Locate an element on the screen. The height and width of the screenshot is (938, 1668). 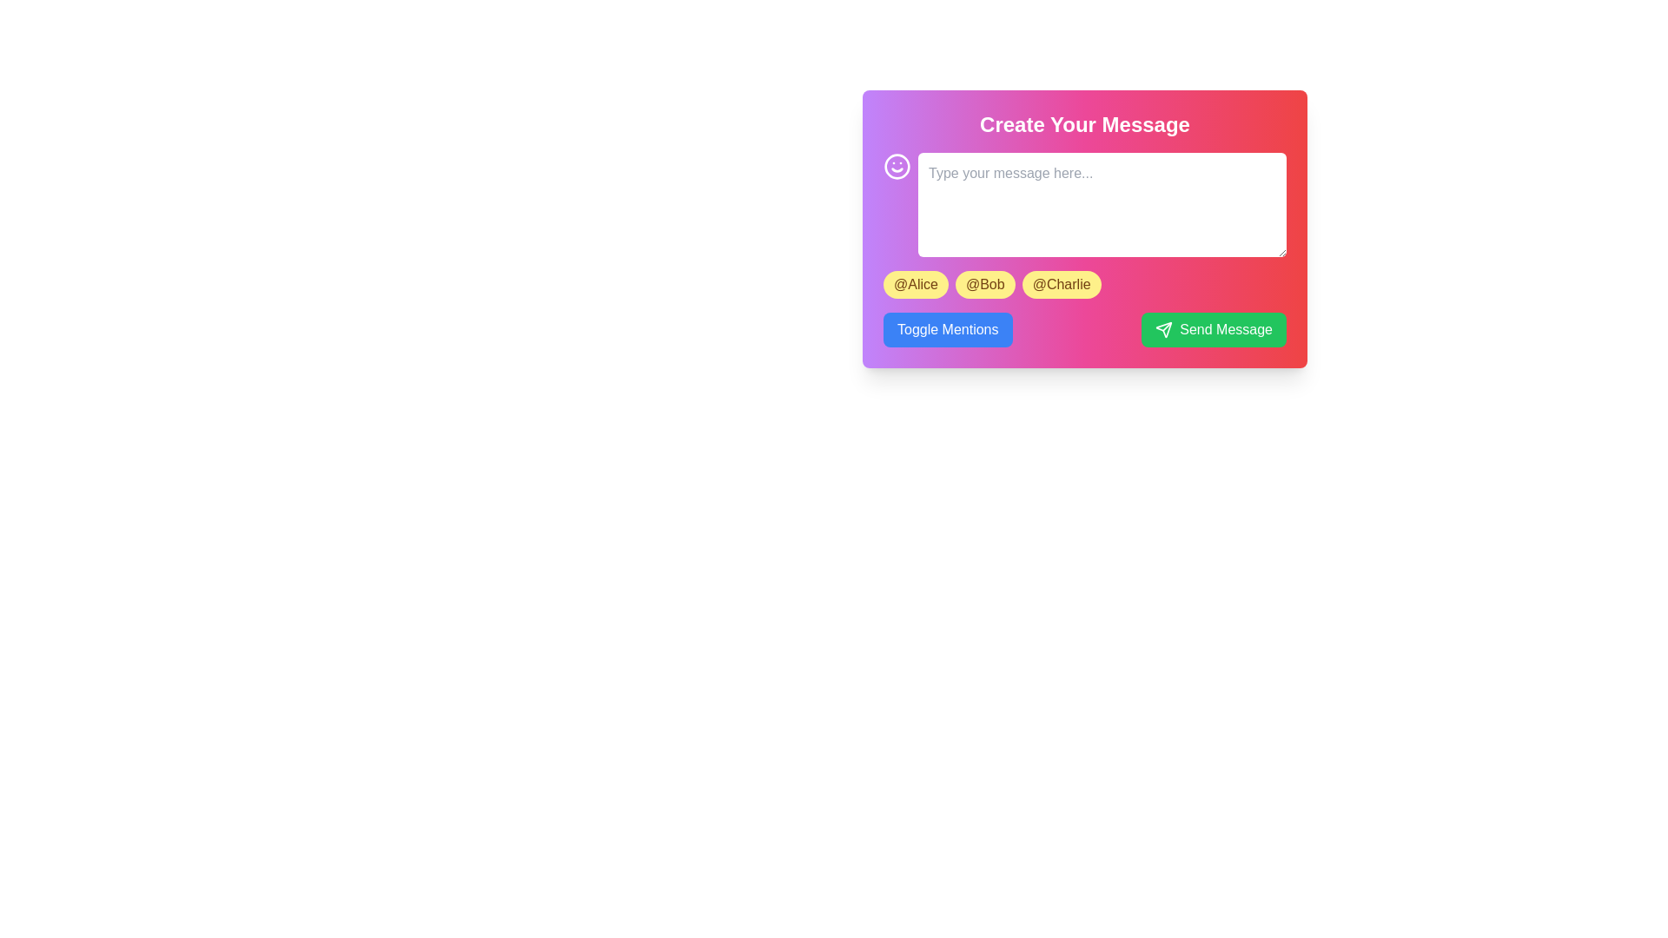
the interactive tag '@Charlie' is located at coordinates (1061, 283).